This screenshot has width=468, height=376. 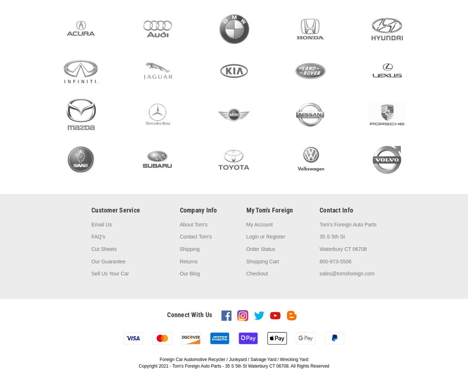 What do you see at coordinates (103, 249) in the screenshot?
I see `'Cut Sheets'` at bounding box center [103, 249].